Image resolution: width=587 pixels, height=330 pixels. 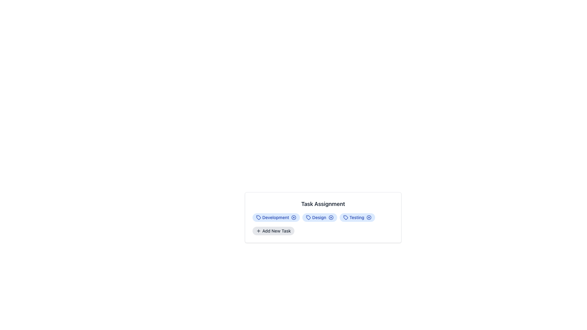 What do you see at coordinates (323, 217) in the screenshot?
I see `the tag group component containing the tags 'Development', 'Design', and 'Testing'` at bounding box center [323, 217].